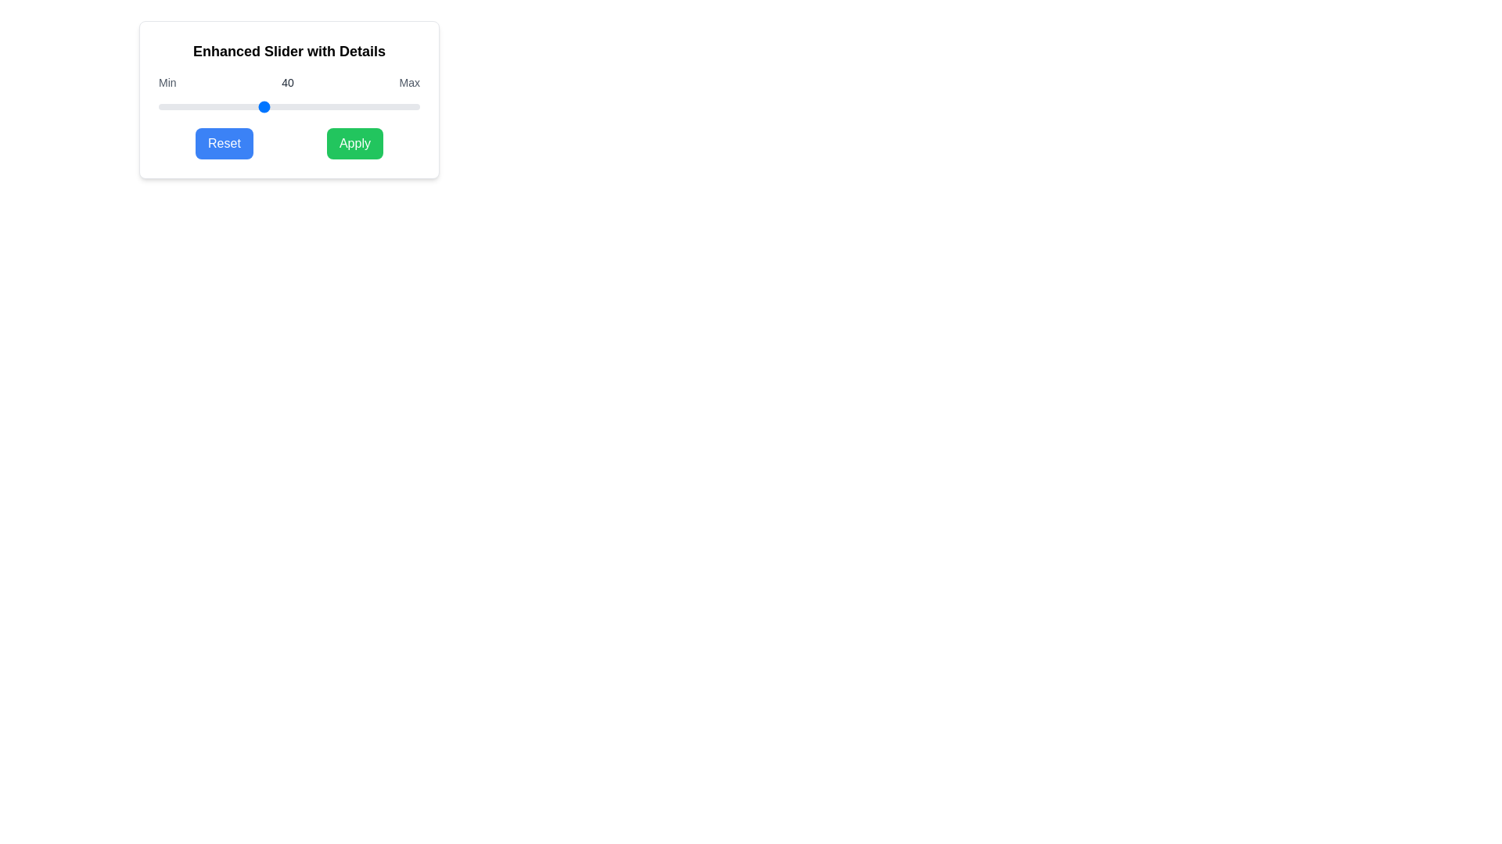 This screenshot has width=1502, height=844. What do you see at coordinates (307, 106) in the screenshot?
I see `the slider` at bounding box center [307, 106].